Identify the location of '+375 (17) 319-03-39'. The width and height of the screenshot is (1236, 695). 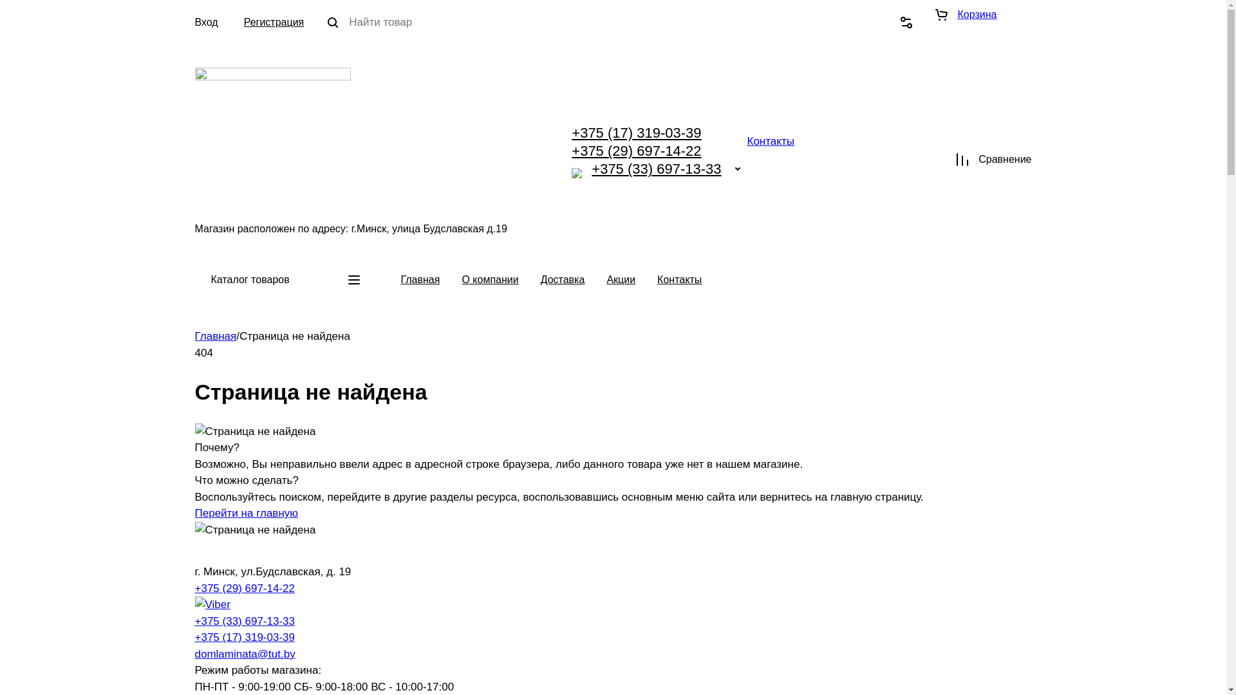
(194, 637).